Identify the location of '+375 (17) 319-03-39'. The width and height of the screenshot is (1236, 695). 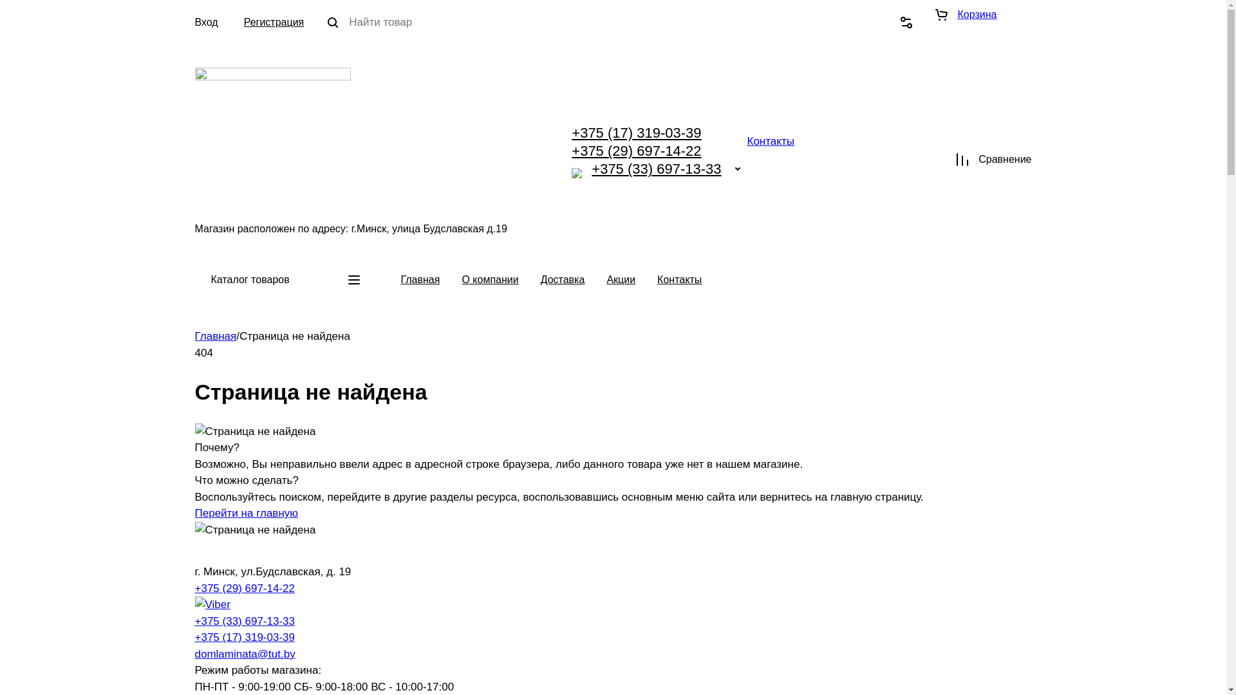
(194, 637).